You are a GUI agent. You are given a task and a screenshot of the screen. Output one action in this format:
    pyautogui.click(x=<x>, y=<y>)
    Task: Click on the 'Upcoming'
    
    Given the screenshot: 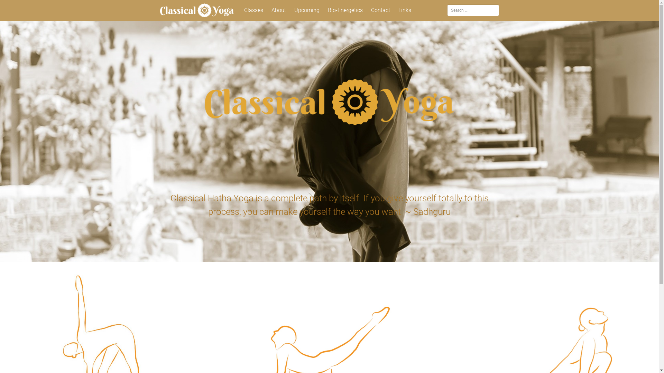 What is the action you would take?
    pyautogui.click(x=306, y=10)
    